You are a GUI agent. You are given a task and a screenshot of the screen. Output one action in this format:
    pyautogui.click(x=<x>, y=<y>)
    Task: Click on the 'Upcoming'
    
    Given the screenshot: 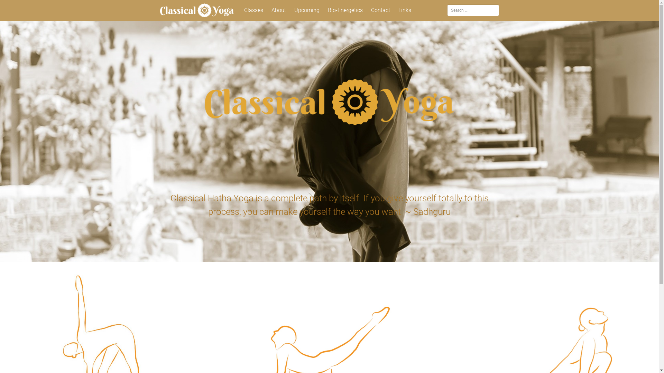 What is the action you would take?
    pyautogui.click(x=306, y=10)
    